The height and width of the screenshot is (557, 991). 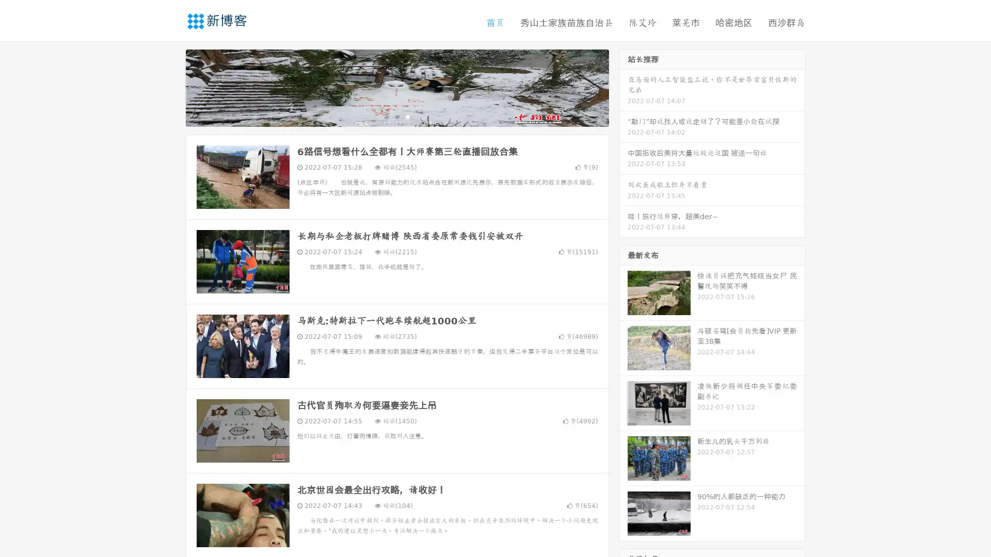 What do you see at coordinates (386, 116) in the screenshot?
I see `Go to slide 1` at bounding box center [386, 116].